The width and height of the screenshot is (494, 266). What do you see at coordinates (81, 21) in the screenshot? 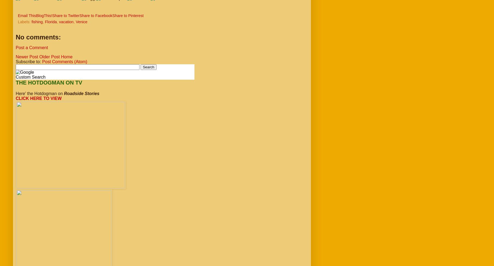
I see `'Venice'` at bounding box center [81, 21].